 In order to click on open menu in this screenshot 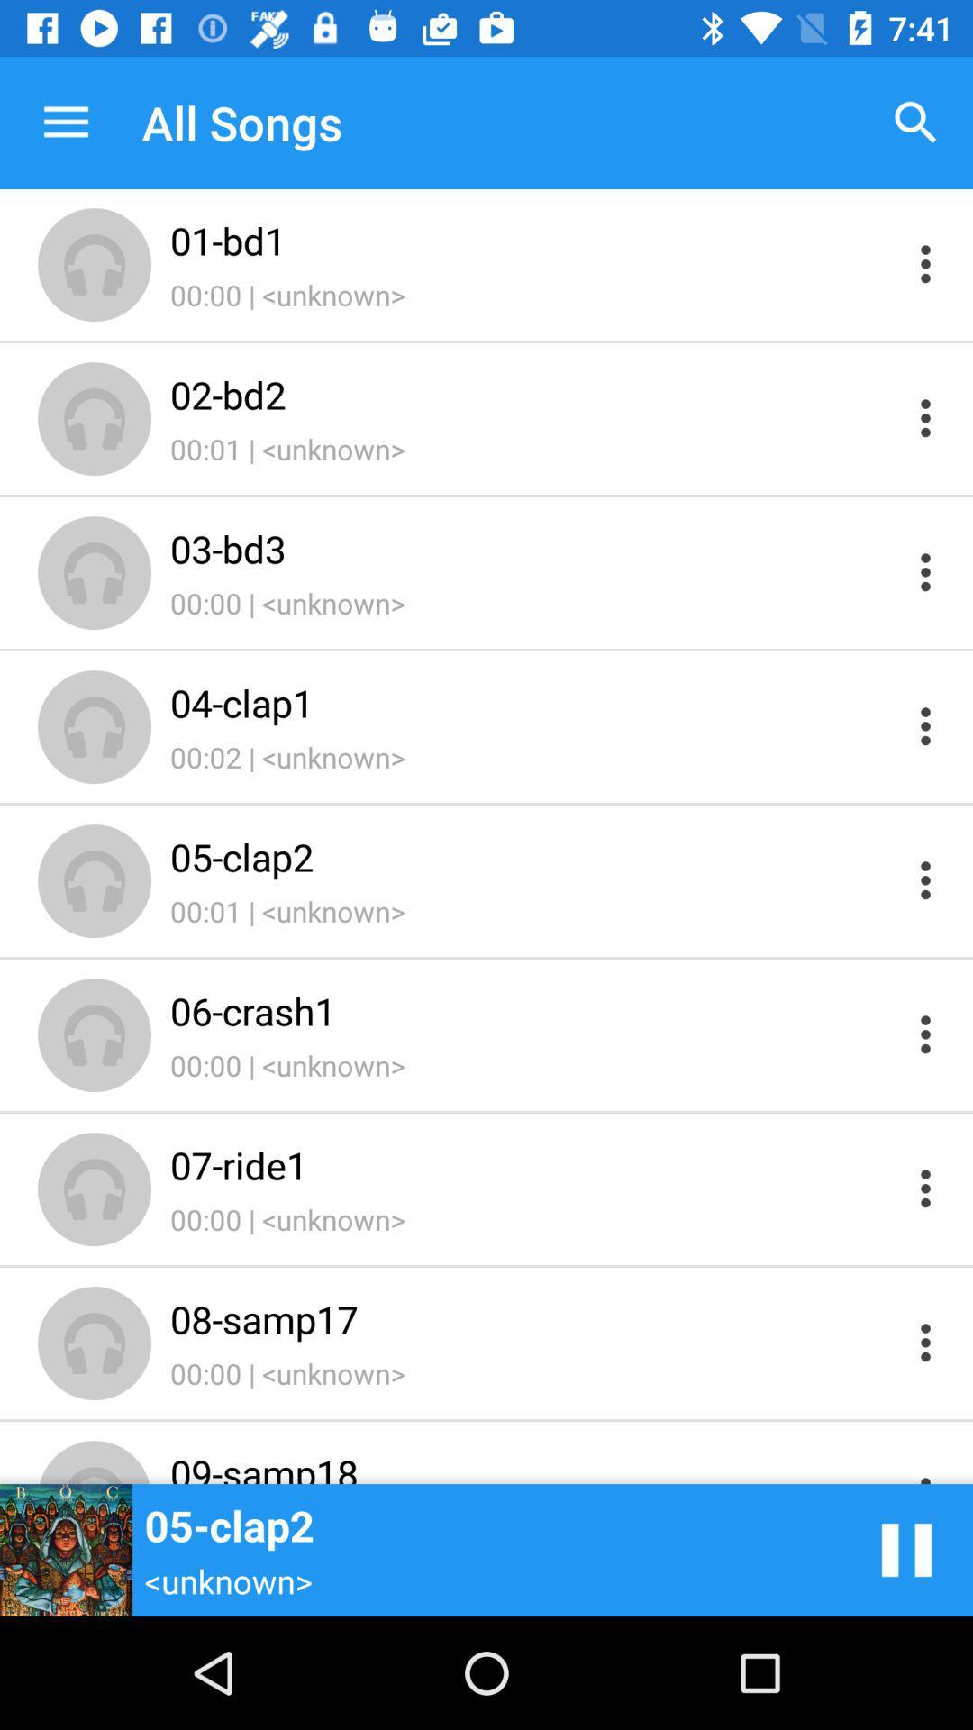, I will do `click(925, 417)`.